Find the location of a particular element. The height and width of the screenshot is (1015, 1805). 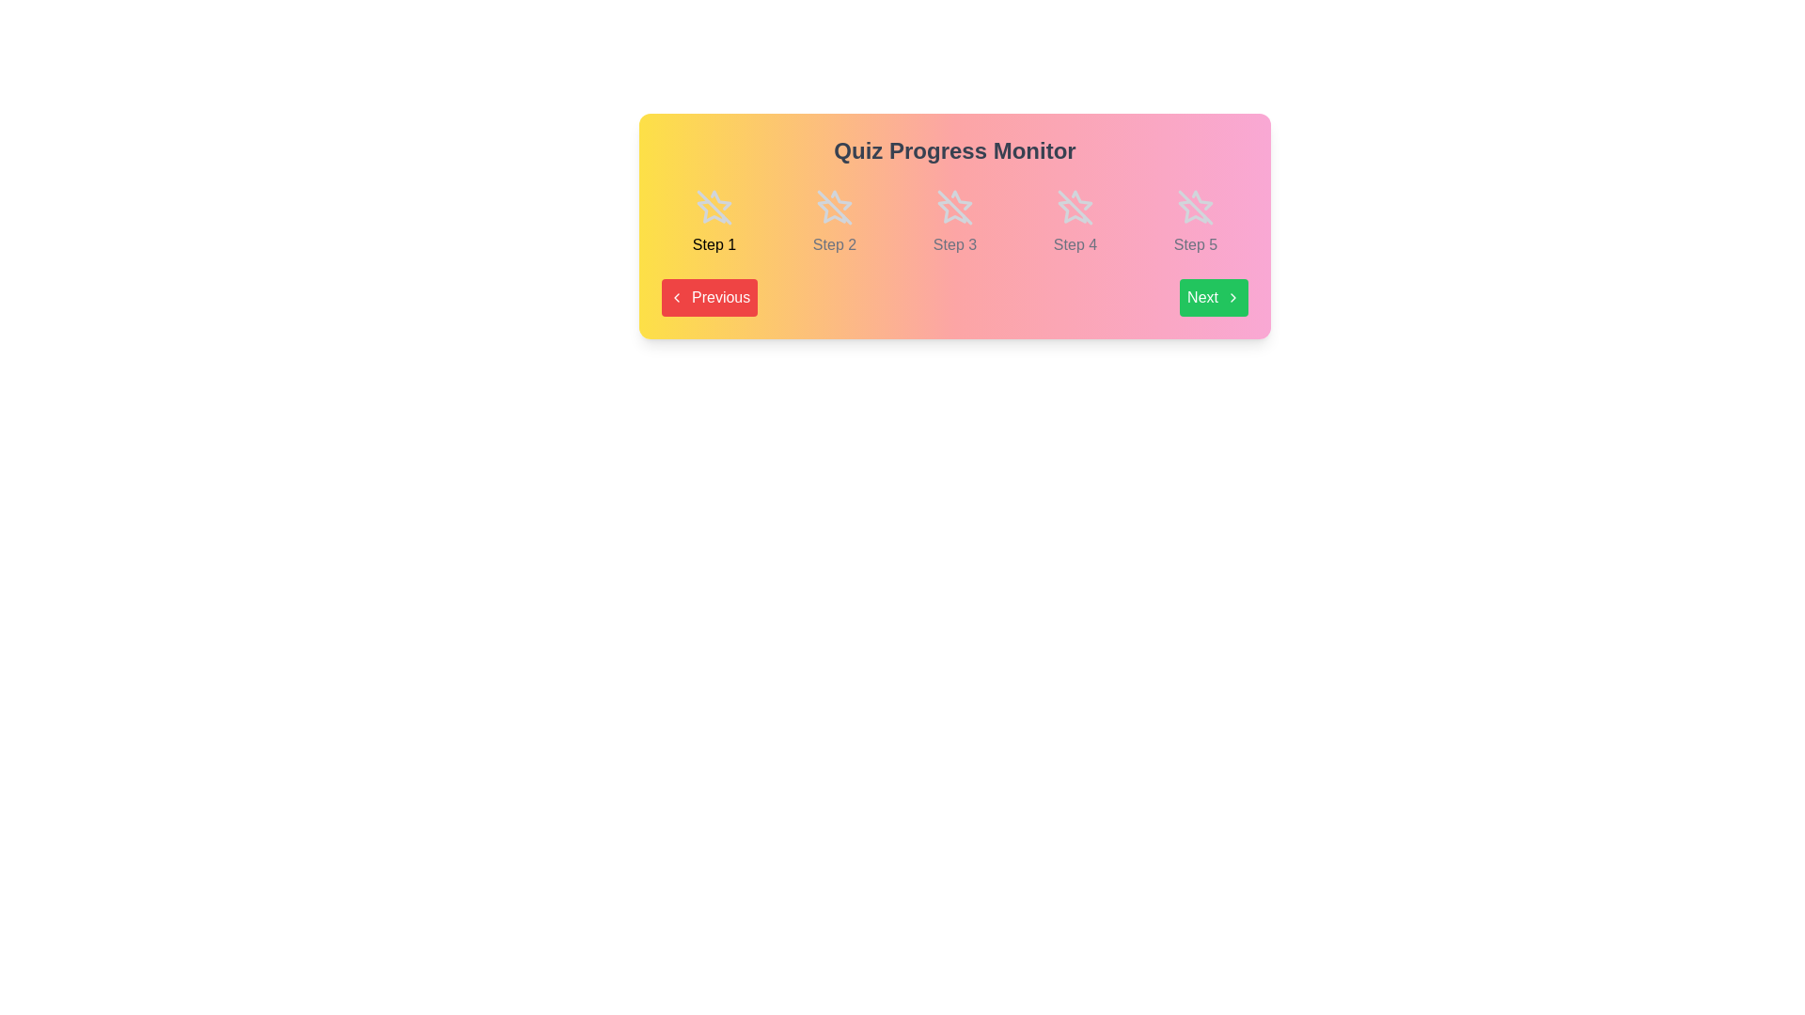

the Navigation control bar with buttons labeled 'Previous' and 'Next', which is positioned under the progress indicator and part of the 'Quiz Progress Monitor' is located at coordinates (955, 296).